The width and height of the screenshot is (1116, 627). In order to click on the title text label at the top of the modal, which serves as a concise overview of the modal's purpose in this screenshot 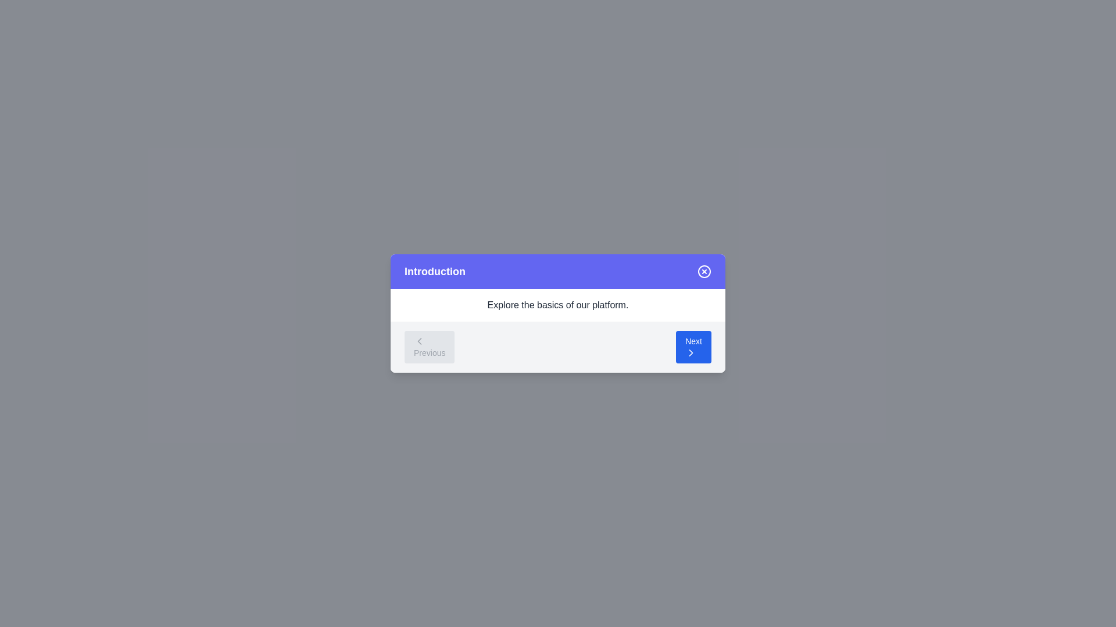, I will do `click(434, 271)`.